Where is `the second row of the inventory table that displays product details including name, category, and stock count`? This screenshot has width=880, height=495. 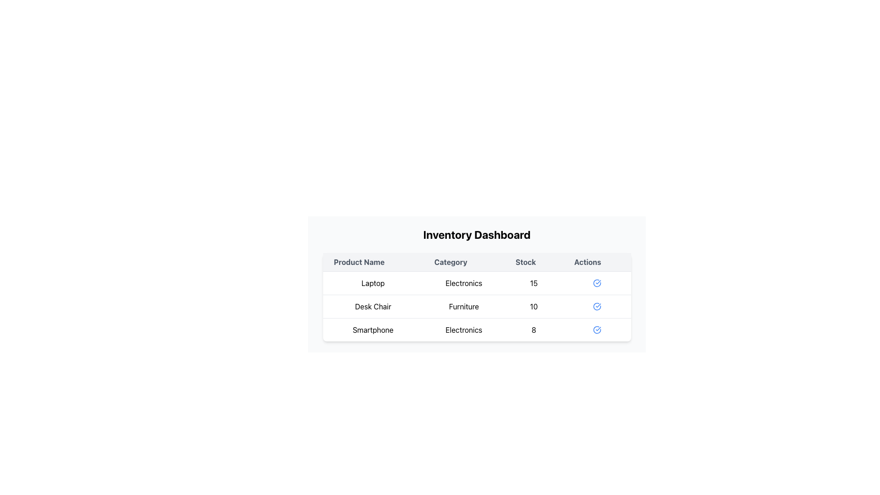 the second row of the inventory table that displays product details including name, category, and stock count is located at coordinates (477, 306).